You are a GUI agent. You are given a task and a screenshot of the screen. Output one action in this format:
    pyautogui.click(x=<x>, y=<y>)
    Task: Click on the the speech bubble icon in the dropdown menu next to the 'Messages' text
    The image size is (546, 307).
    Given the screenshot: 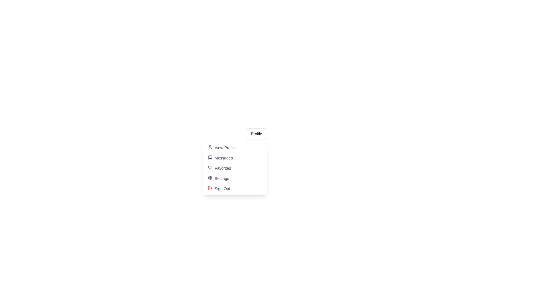 What is the action you would take?
    pyautogui.click(x=210, y=157)
    